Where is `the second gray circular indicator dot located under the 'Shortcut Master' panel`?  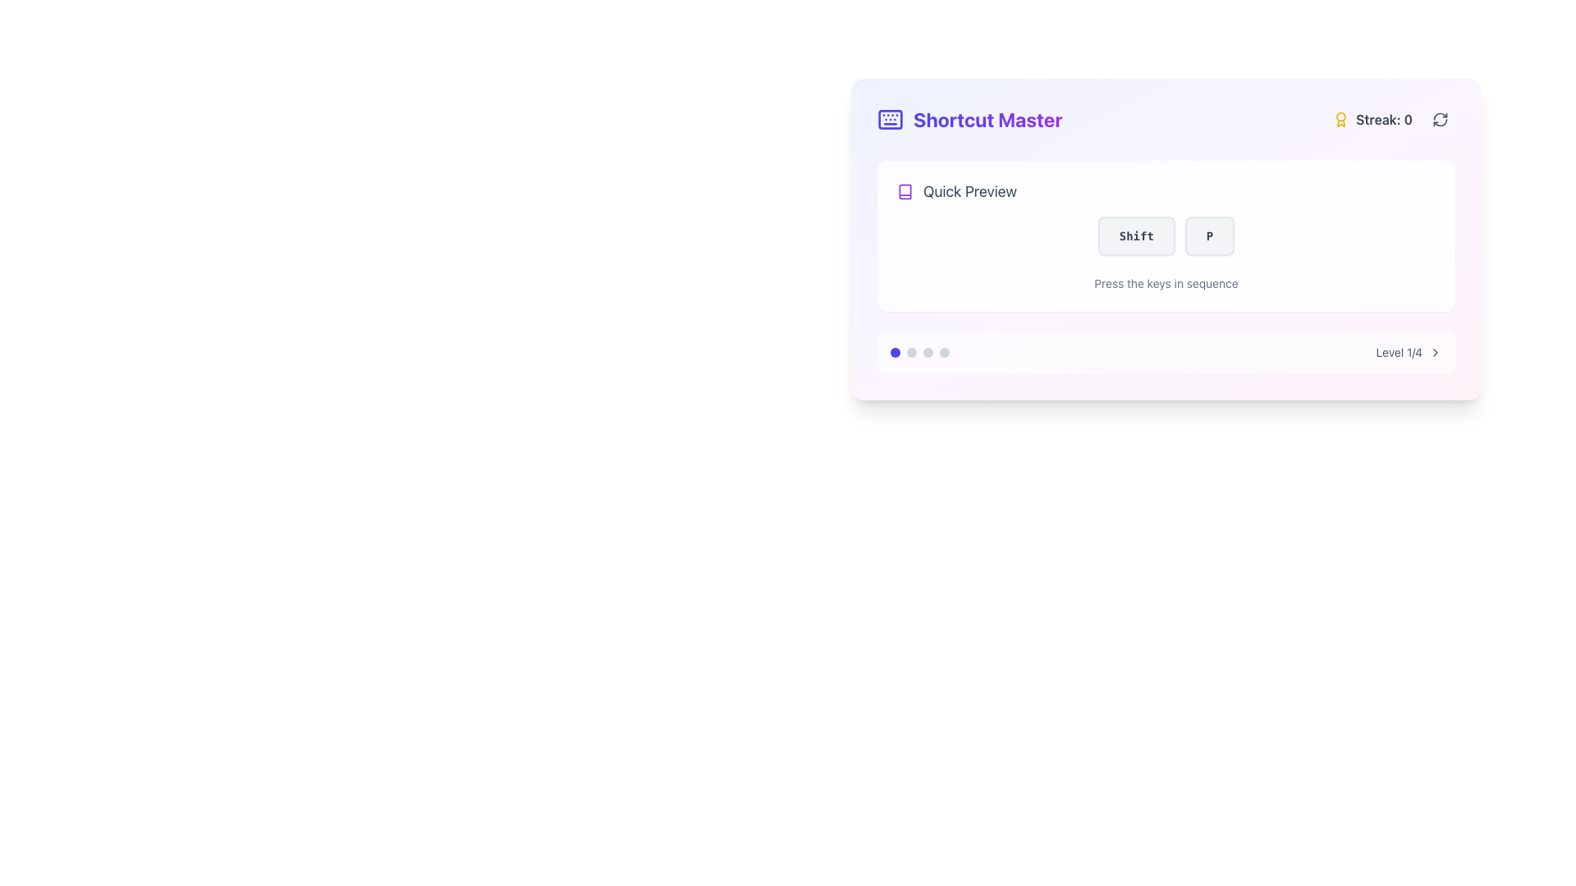
the second gray circular indicator dot located under the 'Shortcut Master' panel is located at coordinates (910, 351).